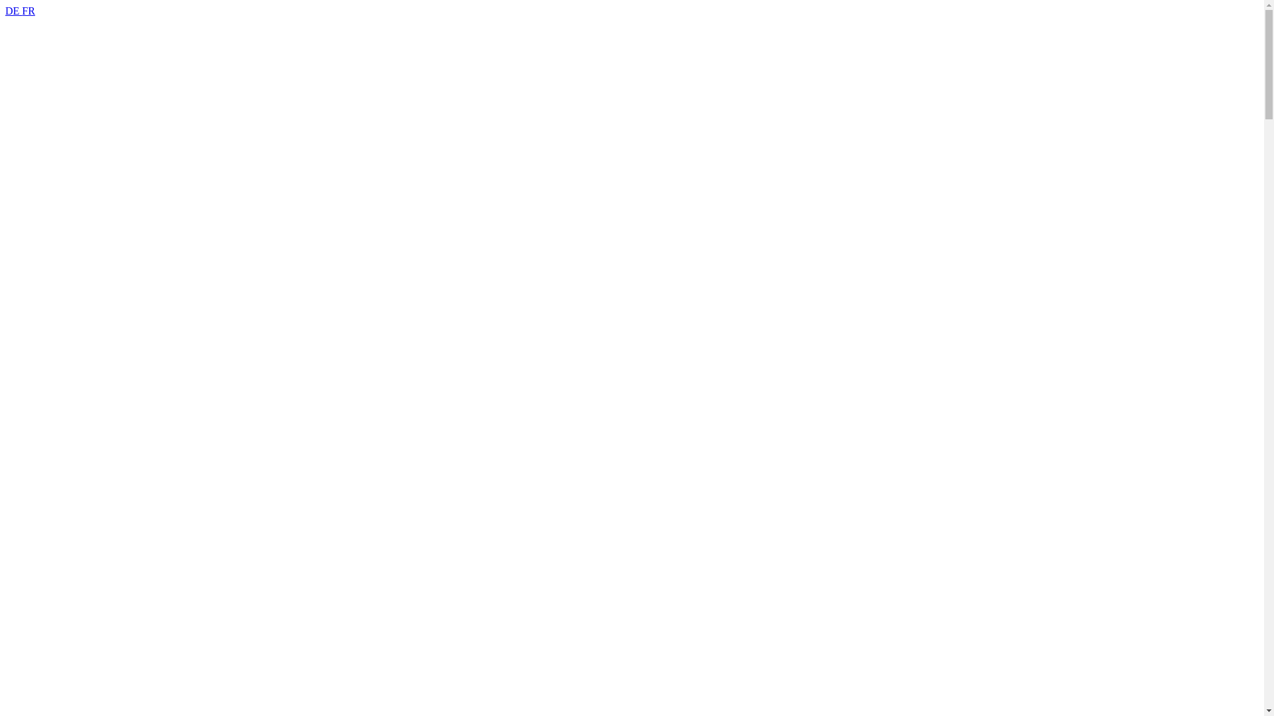 This screenshot has height=716, width=1274. What do you see at coordinates (13, 11) in the screenshot?
I see `'DE'` at bounding box center [13, 11].